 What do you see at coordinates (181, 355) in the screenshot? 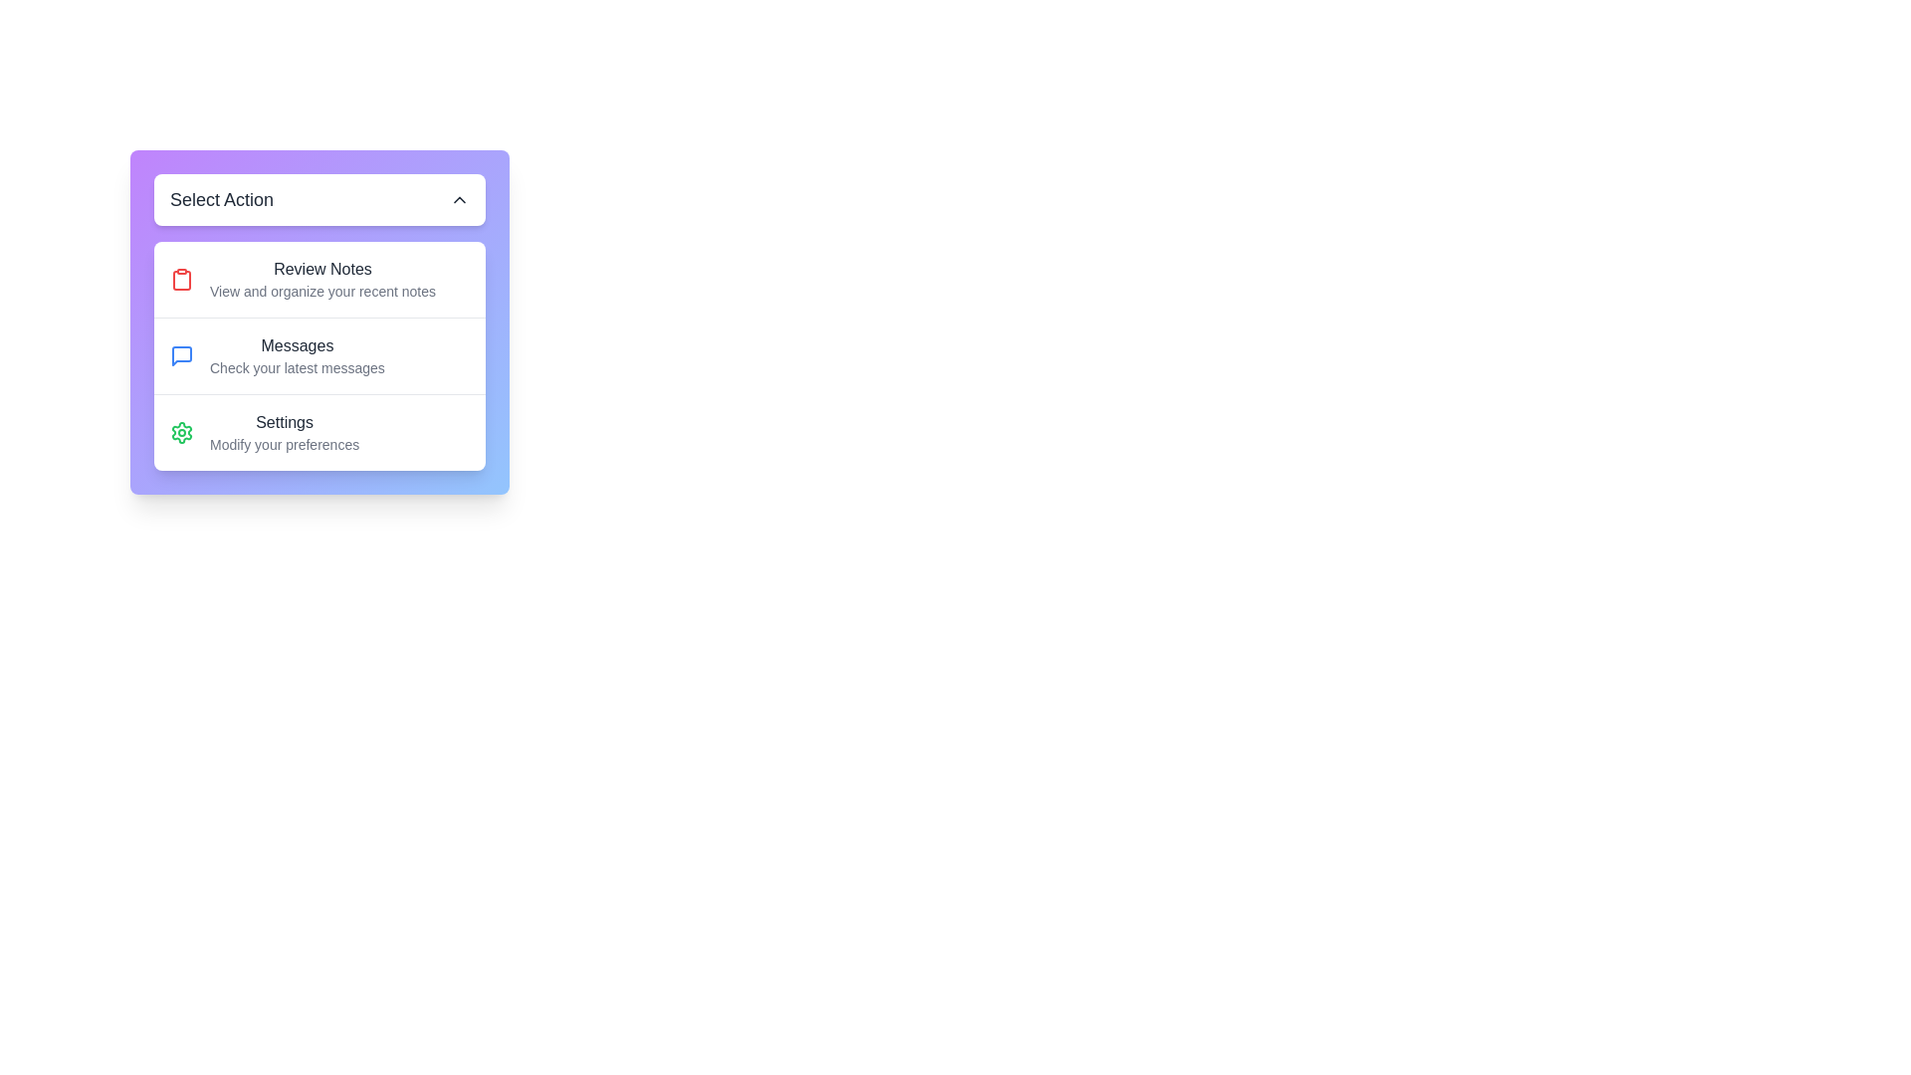
I see `the speech bubble icon with a blue outline located to the left of the 'Messages' text label in the vertical list of menu options` at bounding box center [181, 355].